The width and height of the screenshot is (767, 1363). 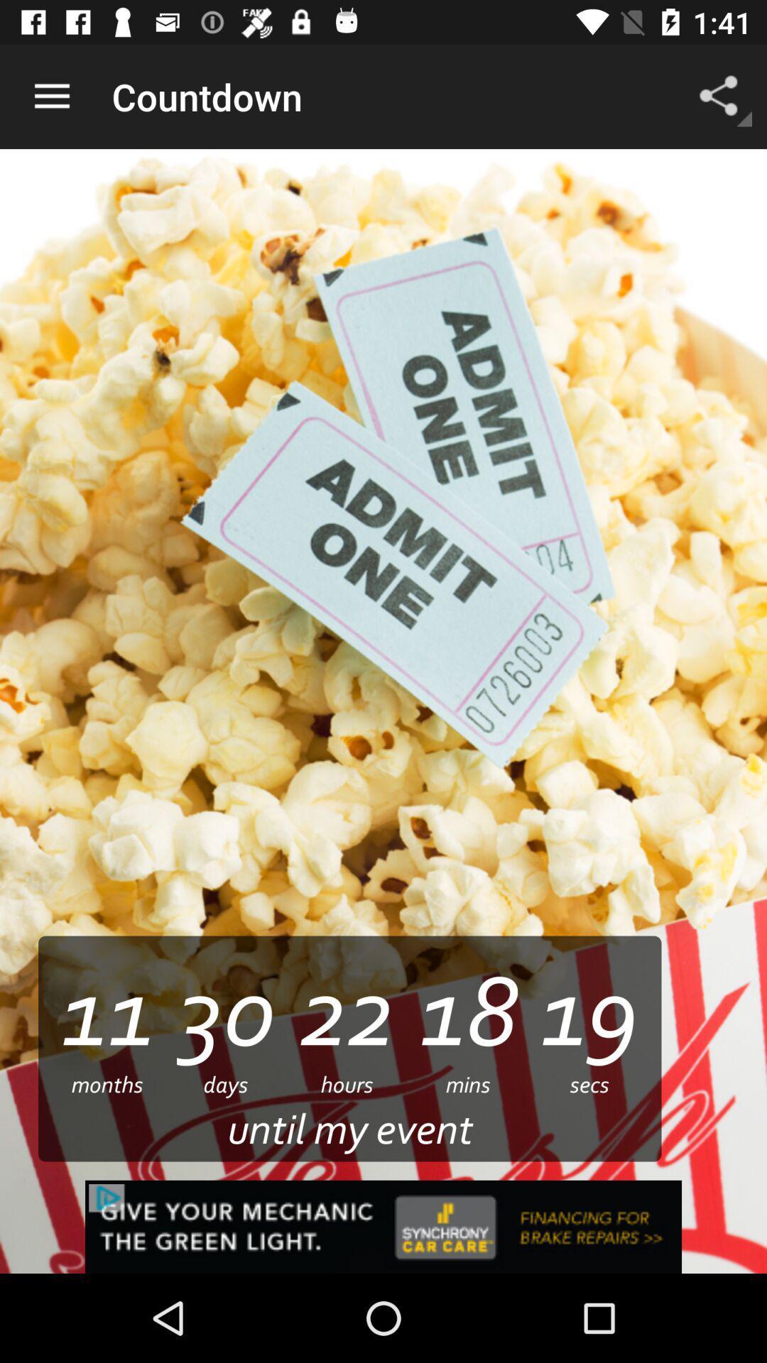 I want to click on advertisement, so click(x=383, y=1226).